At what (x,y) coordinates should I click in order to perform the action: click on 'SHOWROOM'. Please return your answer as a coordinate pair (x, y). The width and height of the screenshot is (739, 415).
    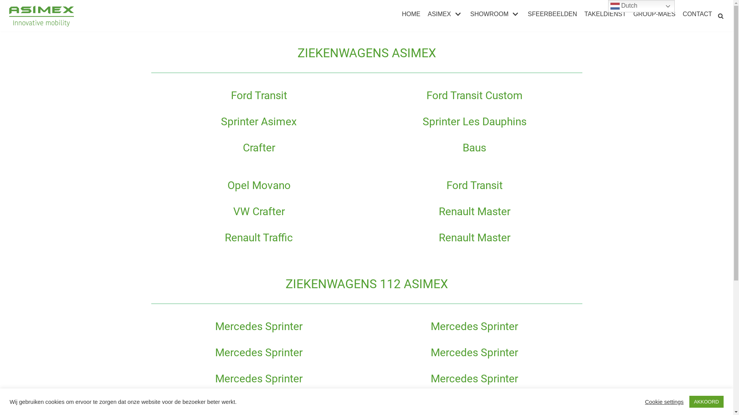
    Looking at the image, I should click on (495, 14).